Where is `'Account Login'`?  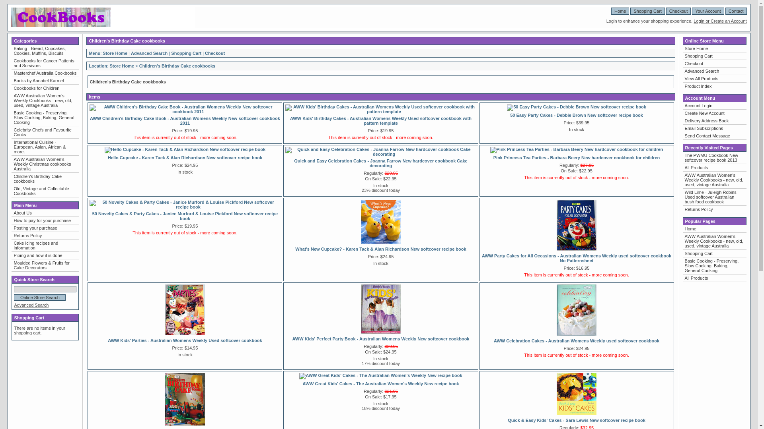 'Account Login' is located at coordinates (714, 105).